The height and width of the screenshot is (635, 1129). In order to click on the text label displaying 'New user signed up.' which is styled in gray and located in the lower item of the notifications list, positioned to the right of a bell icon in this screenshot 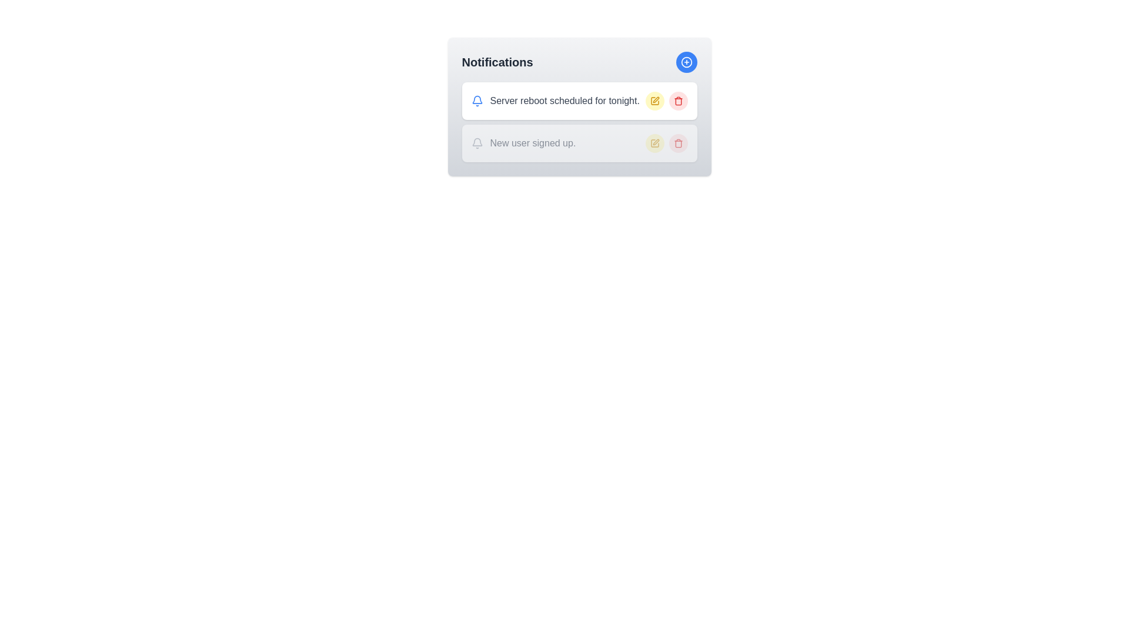, I will do `click(532, 142)`.